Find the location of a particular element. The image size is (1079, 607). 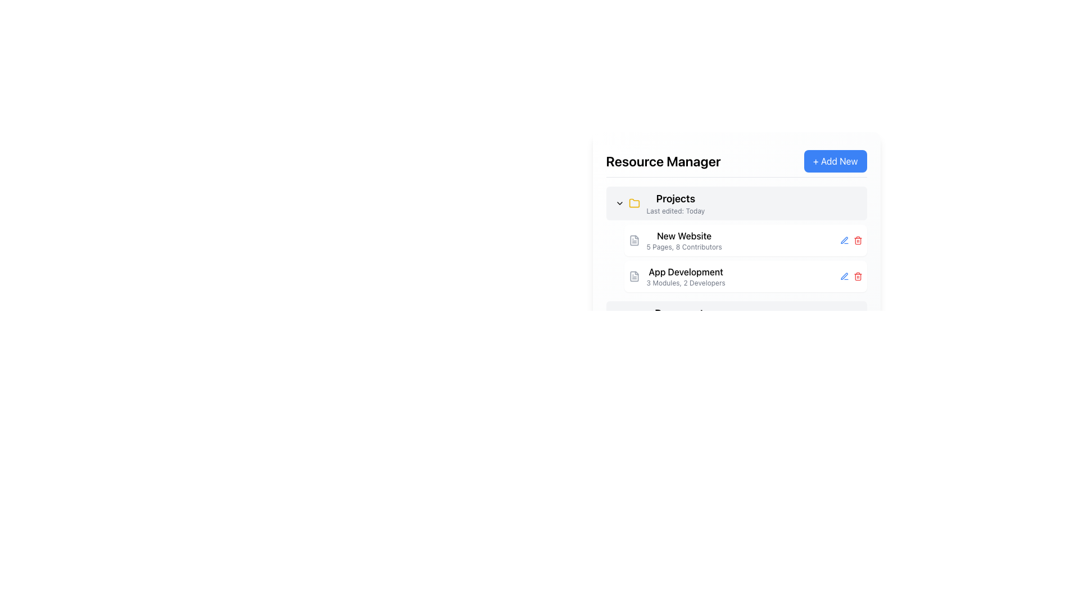

the 'Projects' text element, which is styled in bold and larger than standard text is located at coordinates (675, 198).